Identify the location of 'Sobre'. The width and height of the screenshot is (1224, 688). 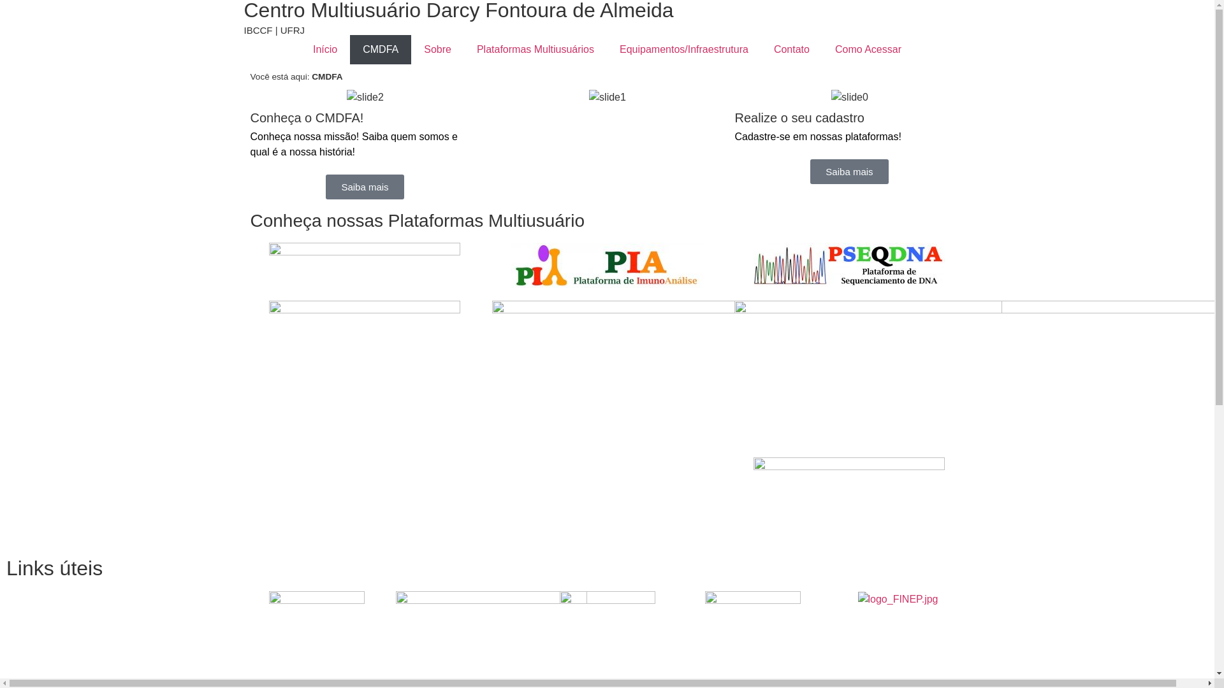
(411, 48).